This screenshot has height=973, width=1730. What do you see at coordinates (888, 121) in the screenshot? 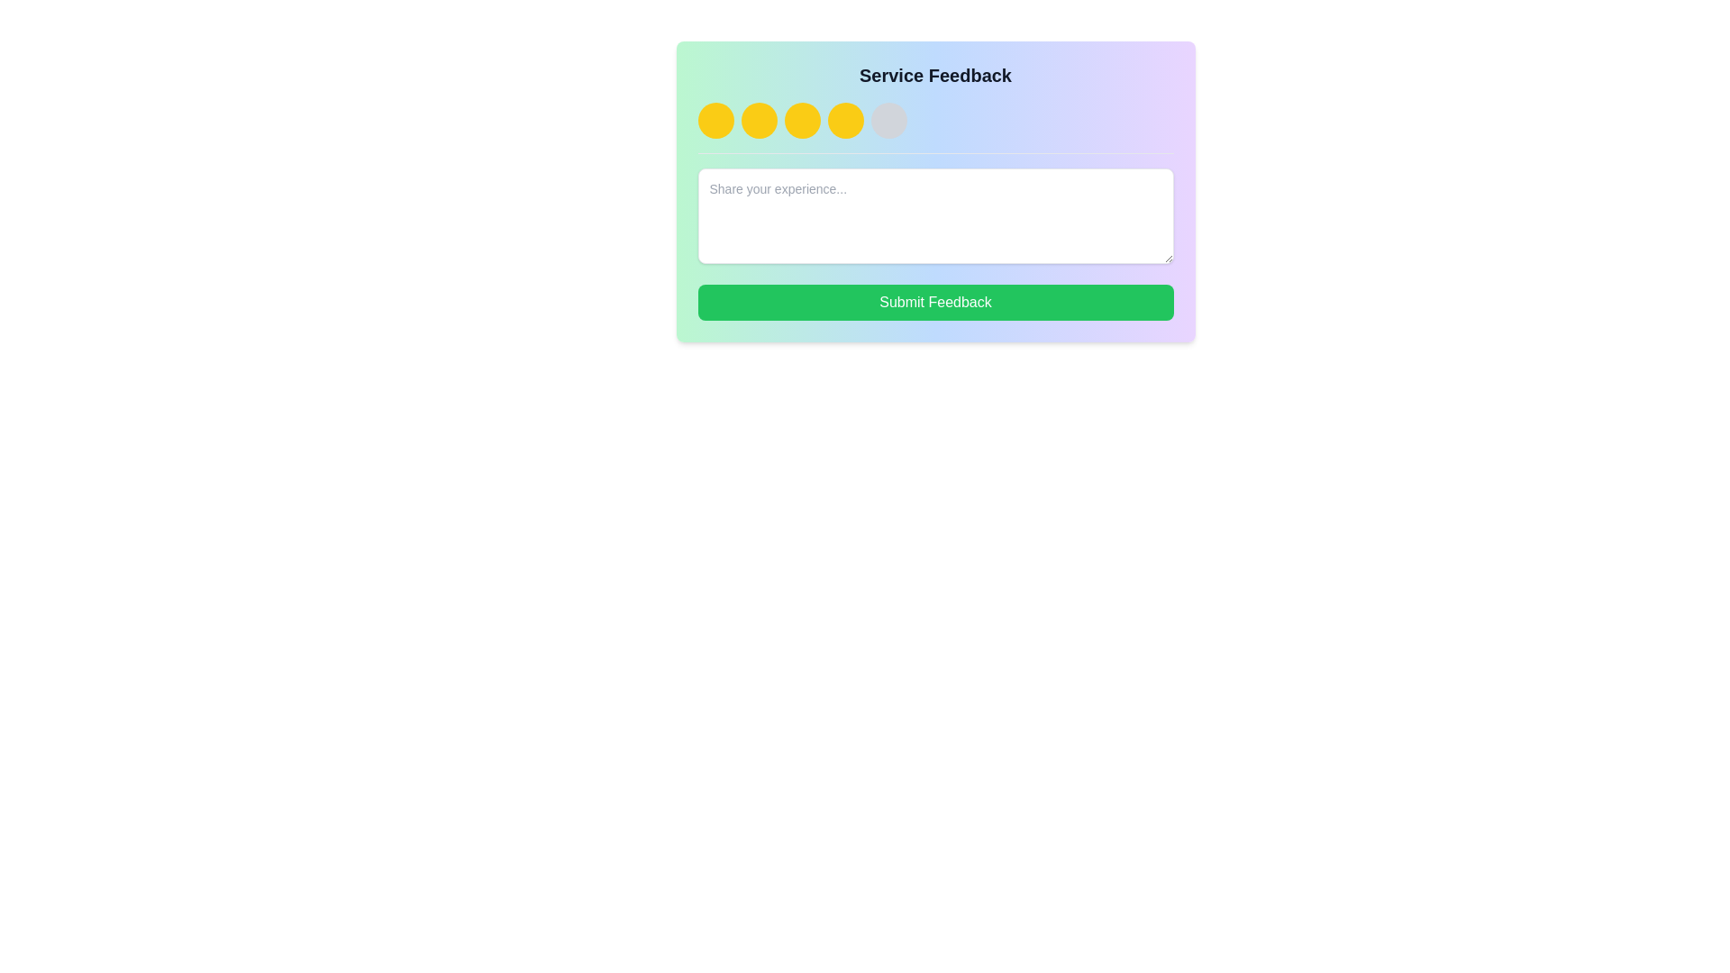
I see `to select the circular placeholder indicator, which is the fifth in a horizontal row of five, featuring a gray fill and rounded edges` at bounding box center [888, 121].